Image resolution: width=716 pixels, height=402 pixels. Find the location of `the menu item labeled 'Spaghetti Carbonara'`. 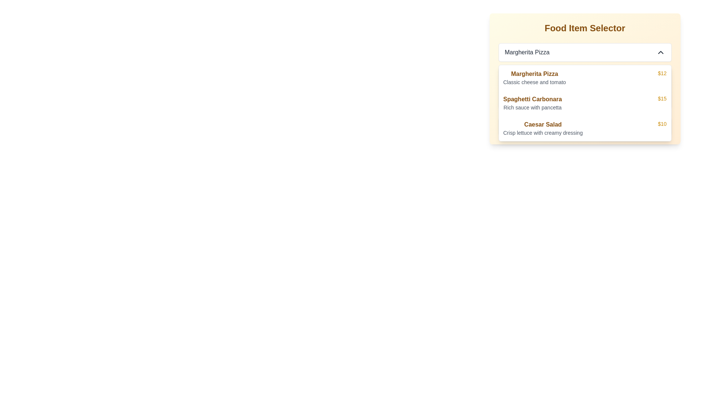

the menu item labeled 'Spaghetti Carbonara' is located at coordinates (584, 103).